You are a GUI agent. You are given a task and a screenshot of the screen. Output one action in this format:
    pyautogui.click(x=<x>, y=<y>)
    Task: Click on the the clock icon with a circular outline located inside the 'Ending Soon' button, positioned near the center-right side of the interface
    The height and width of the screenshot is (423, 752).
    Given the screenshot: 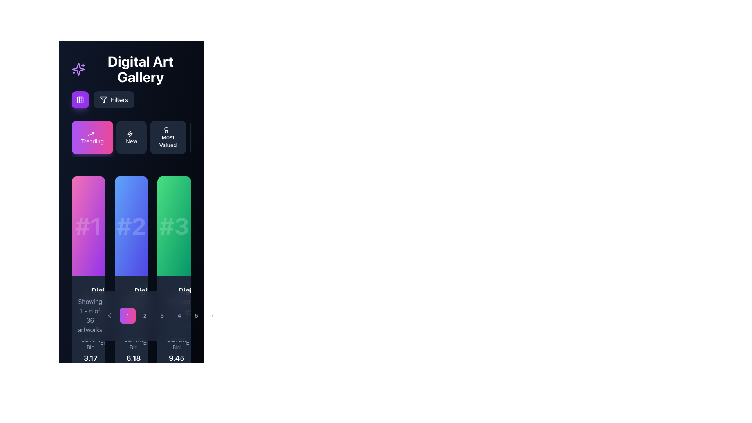 What is the action you would take?
    pyautogui.click(x=206, y=130)
    